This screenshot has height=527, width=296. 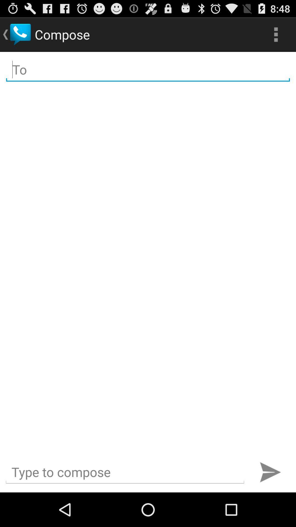 What do you see at coordinates (125, 472) in the screenshot?
I see `text` at bounding box center [125, 472].